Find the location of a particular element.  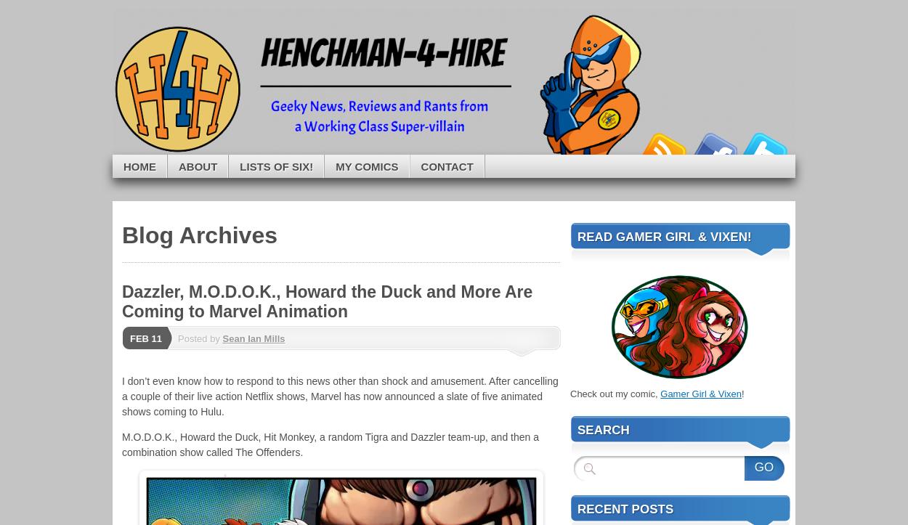

'My Comics' is located at coordinates (367, 165).